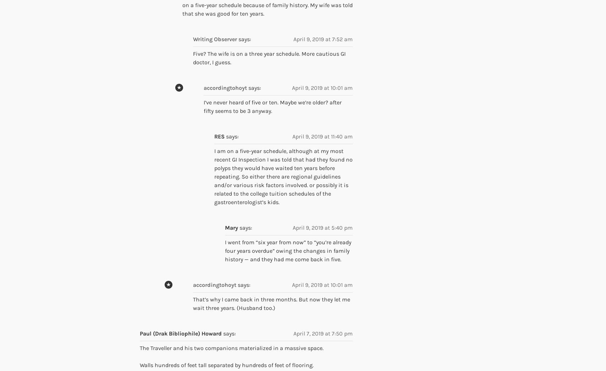  I want to click on 'April 9, 2019 at 11:40 am', so click(322, 136).